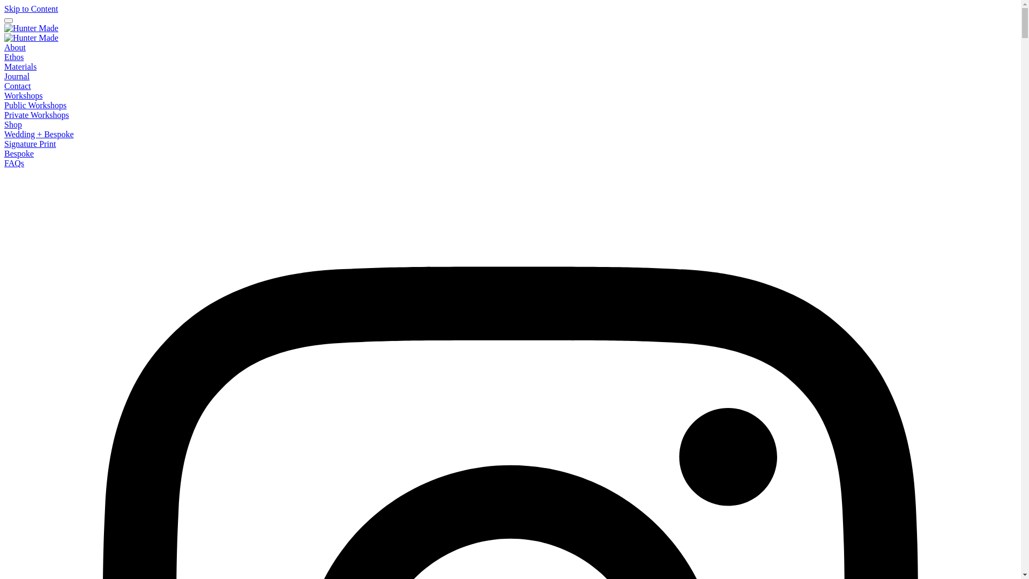 Image resolution: width=1029 pixels, height=579 pixels. What do you see at coordinates (36, 115) in the screenshot?
I see `'Private Workshops'` at bounding box center [36, 115].